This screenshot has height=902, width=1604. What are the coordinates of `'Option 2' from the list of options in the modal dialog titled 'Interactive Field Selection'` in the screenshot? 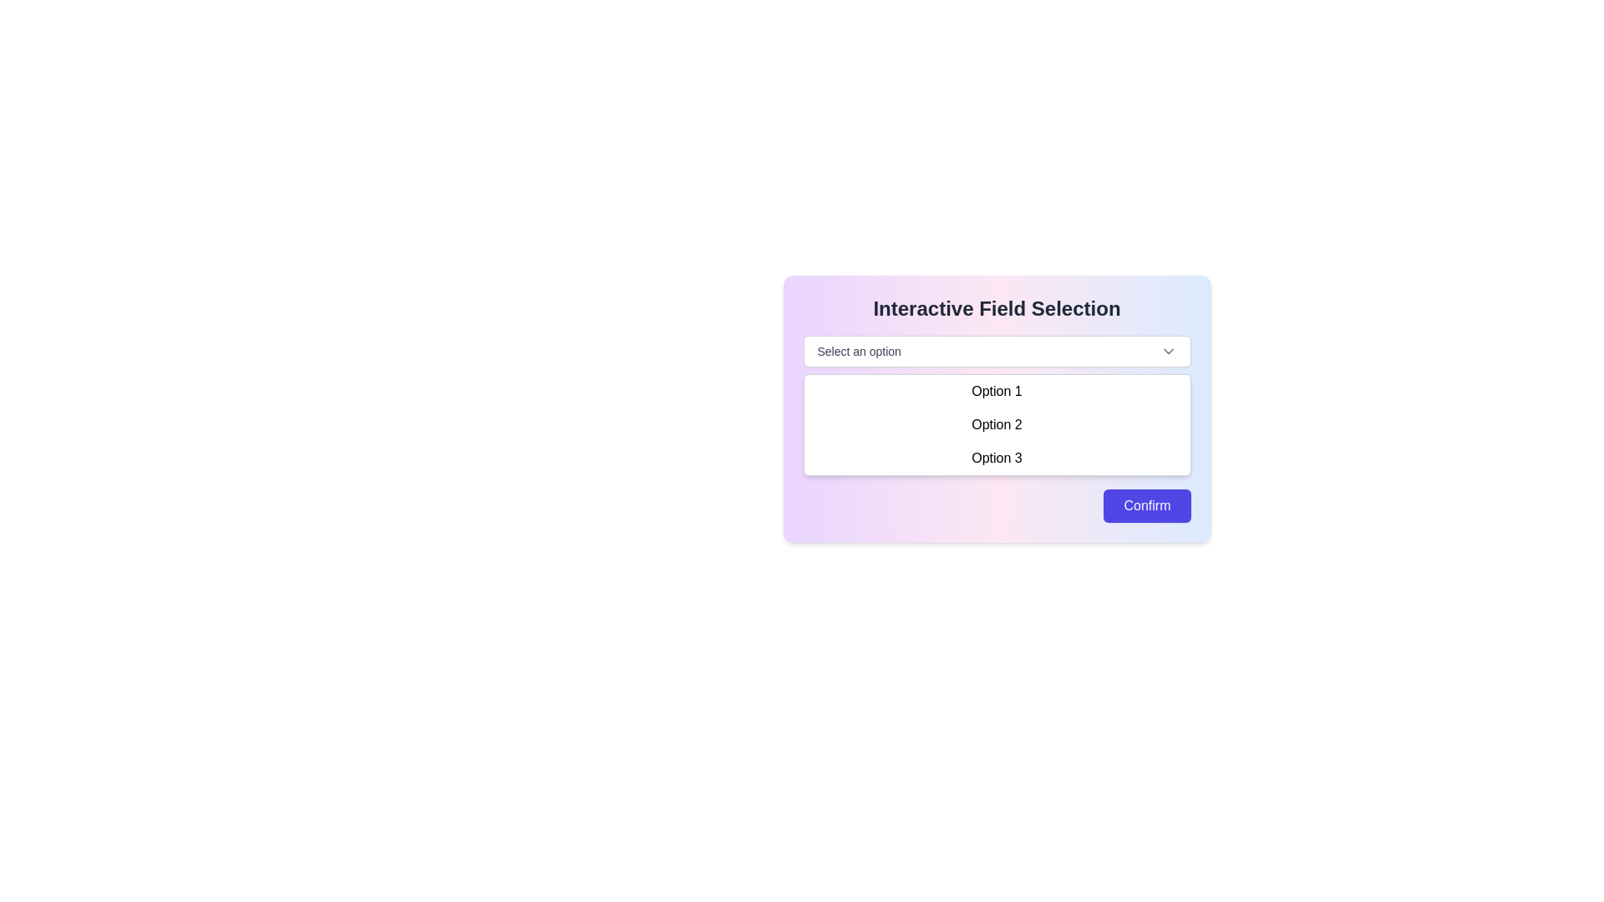 It's located at (997, 424).